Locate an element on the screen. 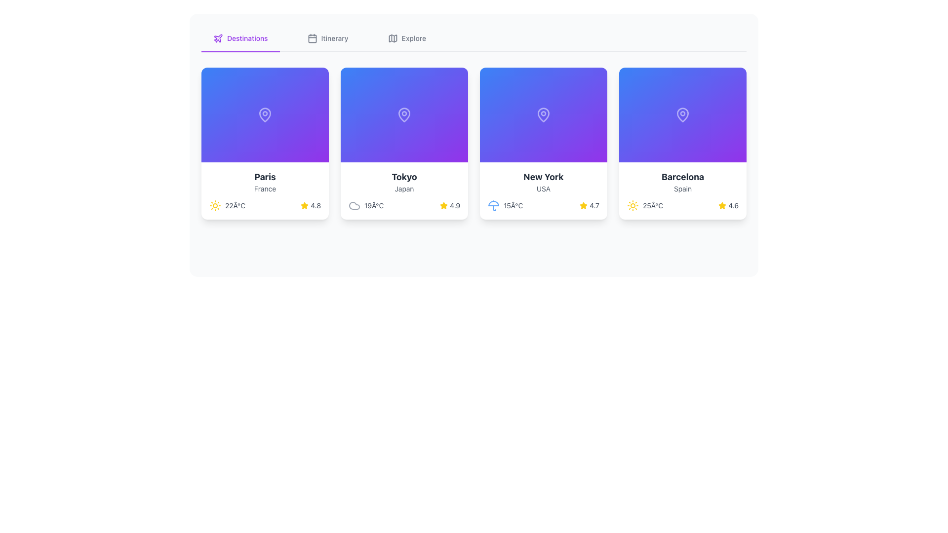 The image size is (948, 533). the weather status icon located at the leftmost section of the horizontal group associated with the 'New York, USA' card is located at coordinates (493, 205).